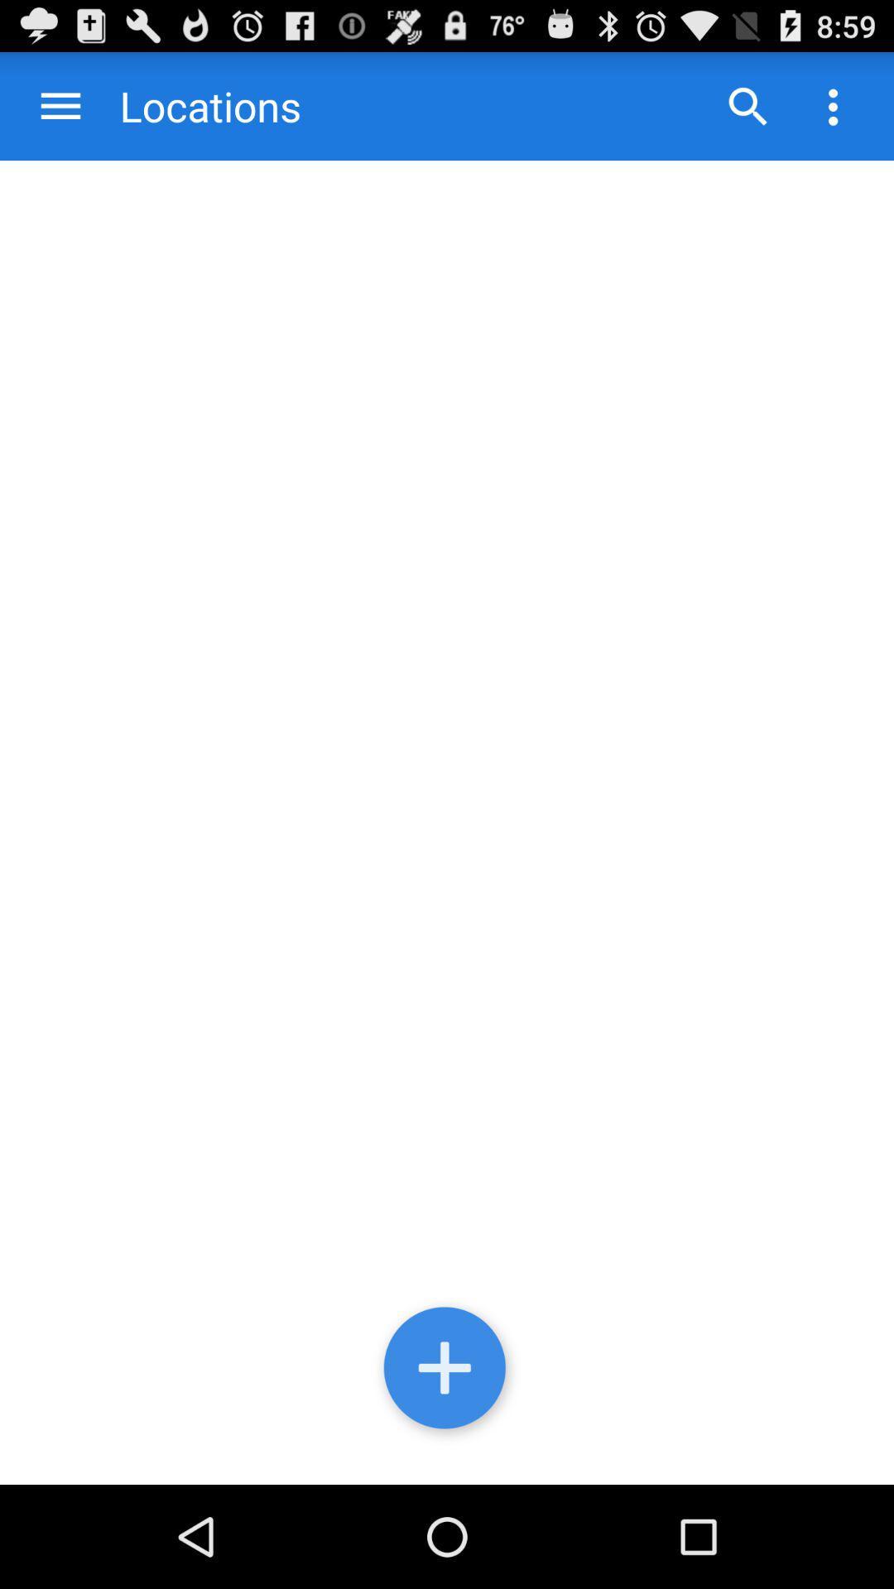 This screenshot has width=894, height=1589. What do you see at coordinates (833, 105) in the screenshot?
I see `open the sub-menu for this page` at bounding box center [833, 105].